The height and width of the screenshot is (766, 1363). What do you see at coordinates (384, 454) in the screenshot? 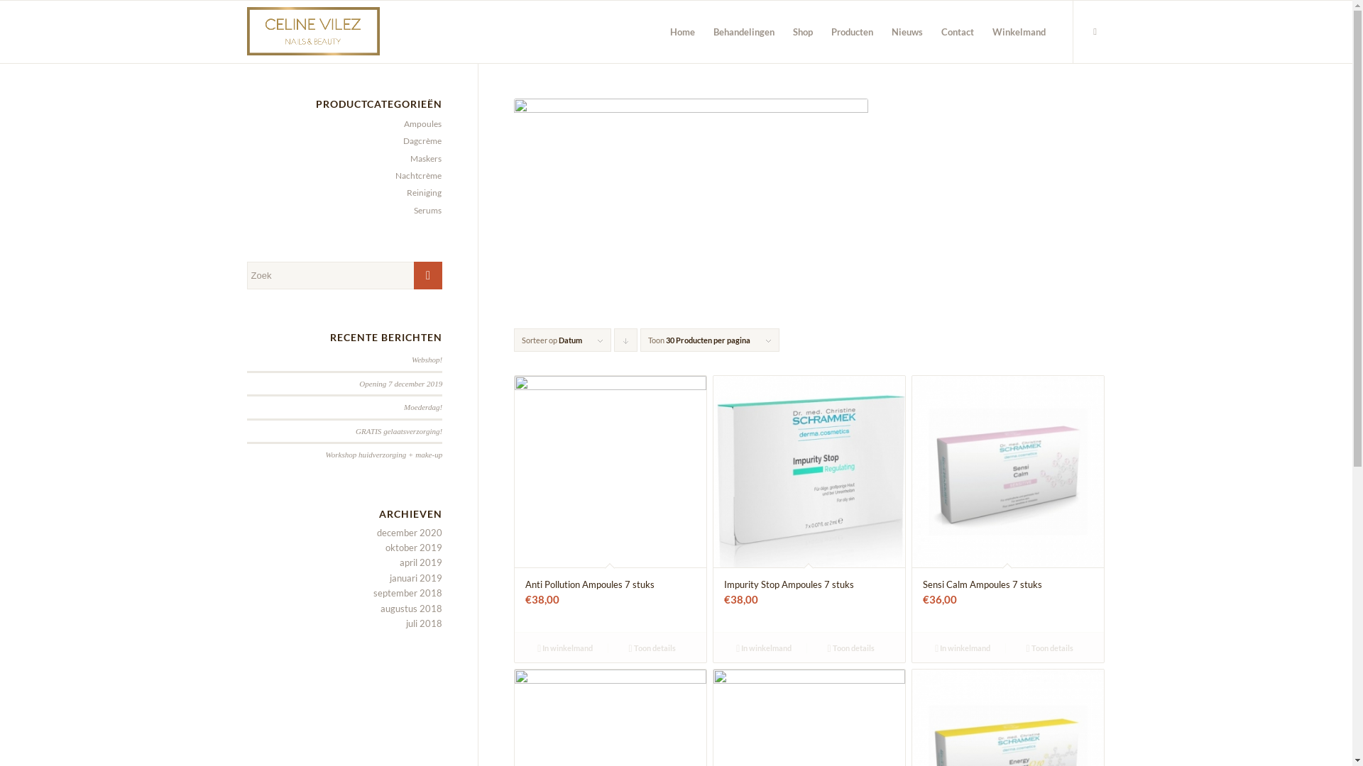
I see `'Workshop huidverzorging + make-up'` at bounding box center [384, 454].